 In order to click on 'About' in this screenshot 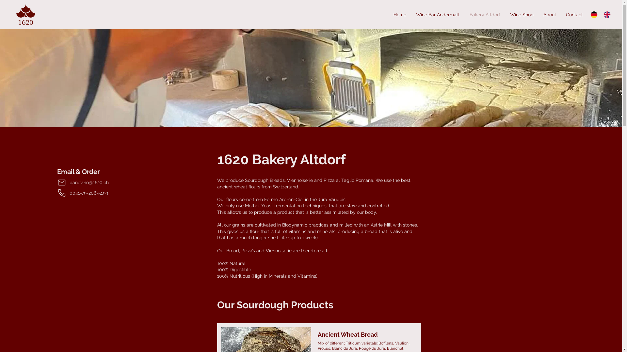, I will do `click(549, 15)`.